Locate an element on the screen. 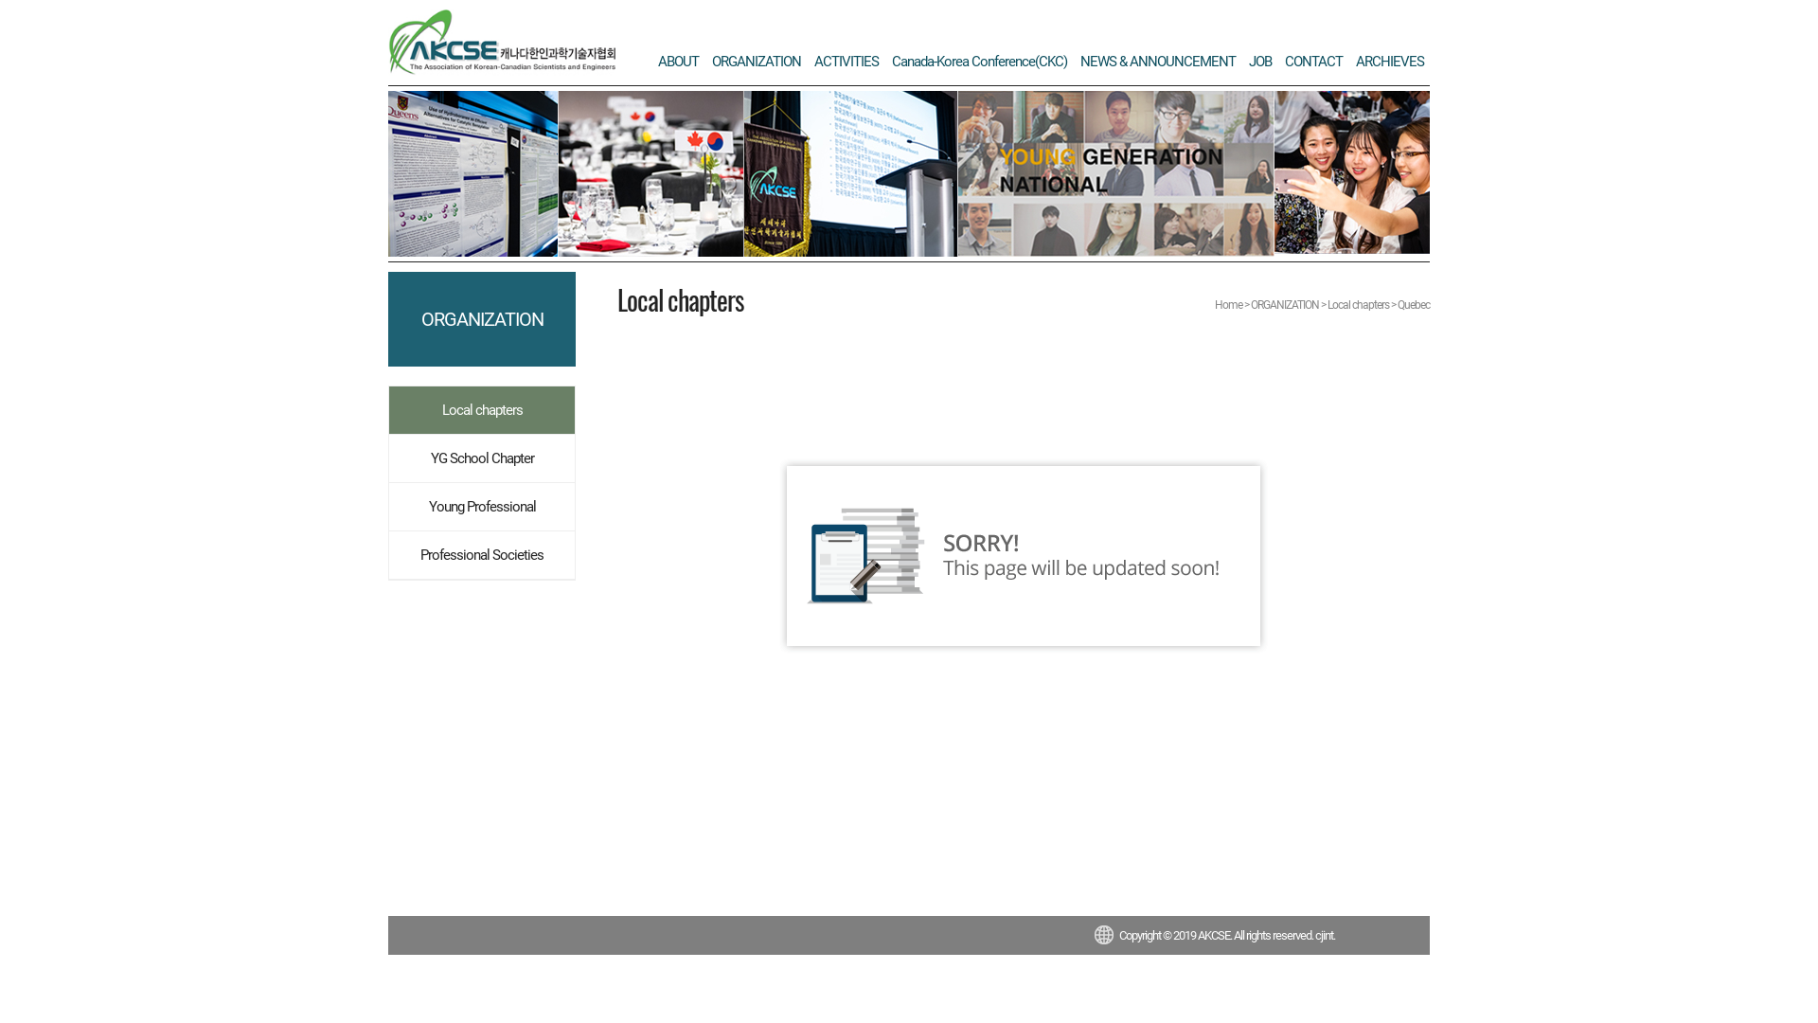 The width and height of the screenshot is (1818, 1023). 'Local chapters' is located at coordinates (481, 408).